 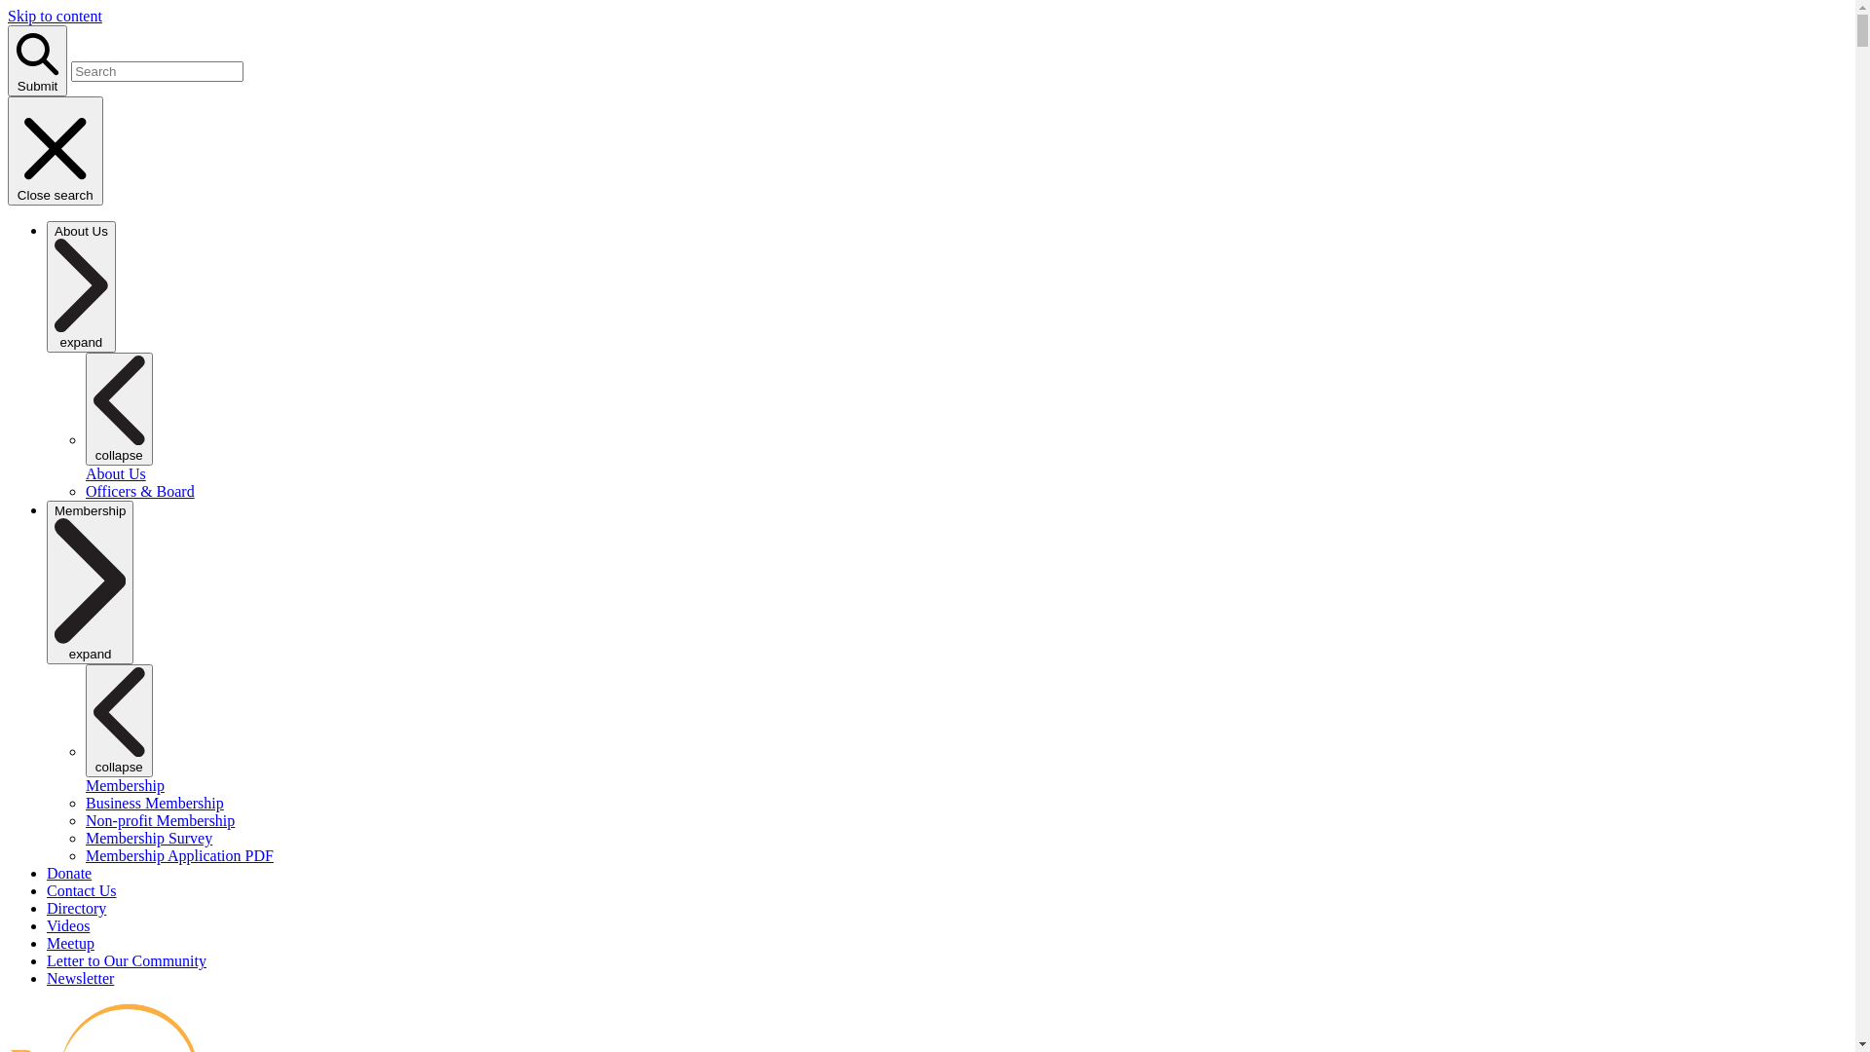 I want to click on 'Submit', so click(x=8, y=59).